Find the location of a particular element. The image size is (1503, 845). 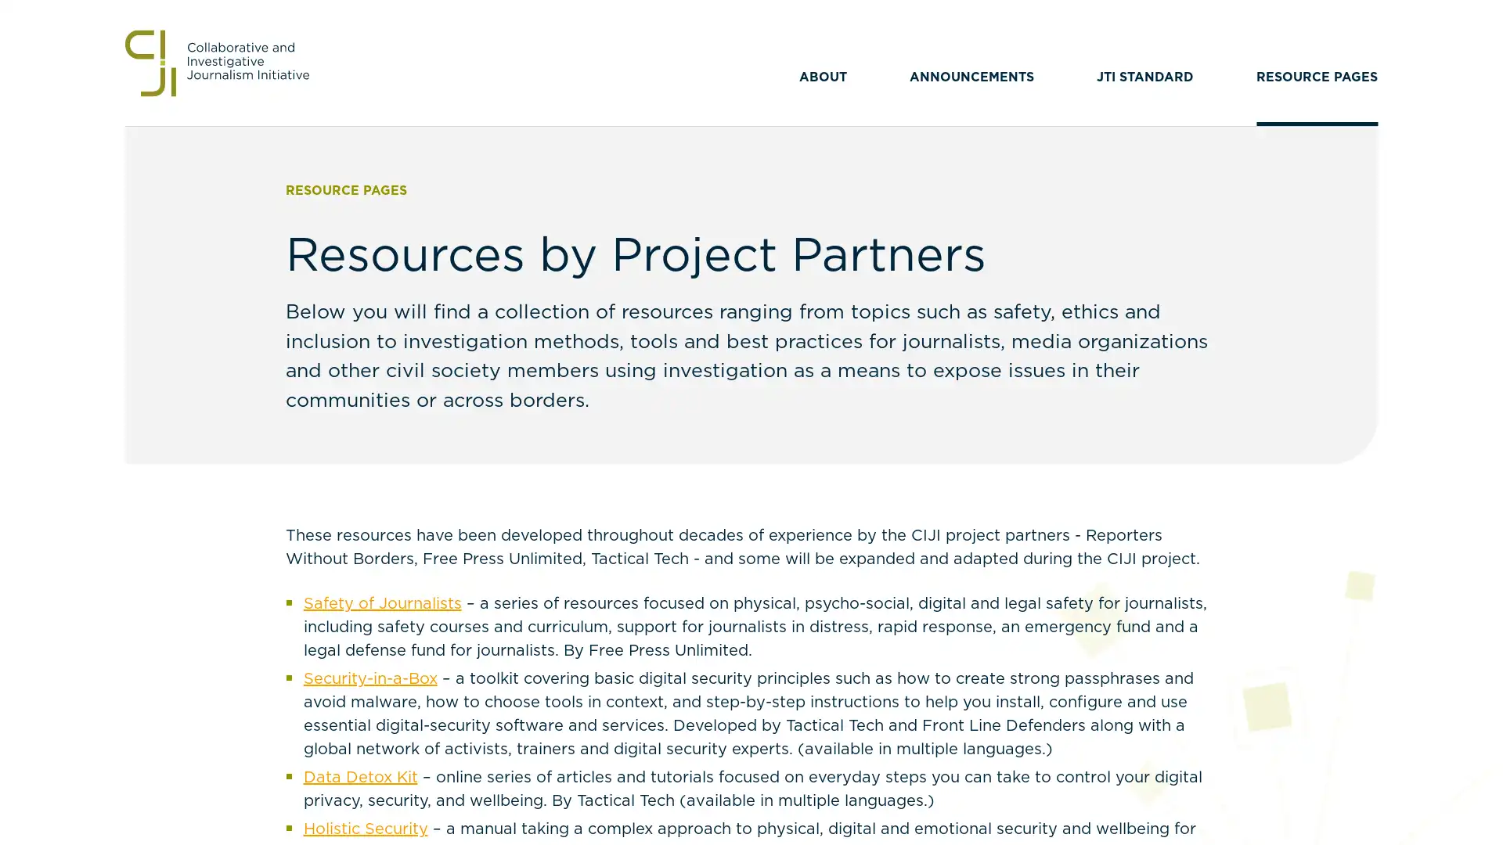

Deny is located at coordinates (750, 530).